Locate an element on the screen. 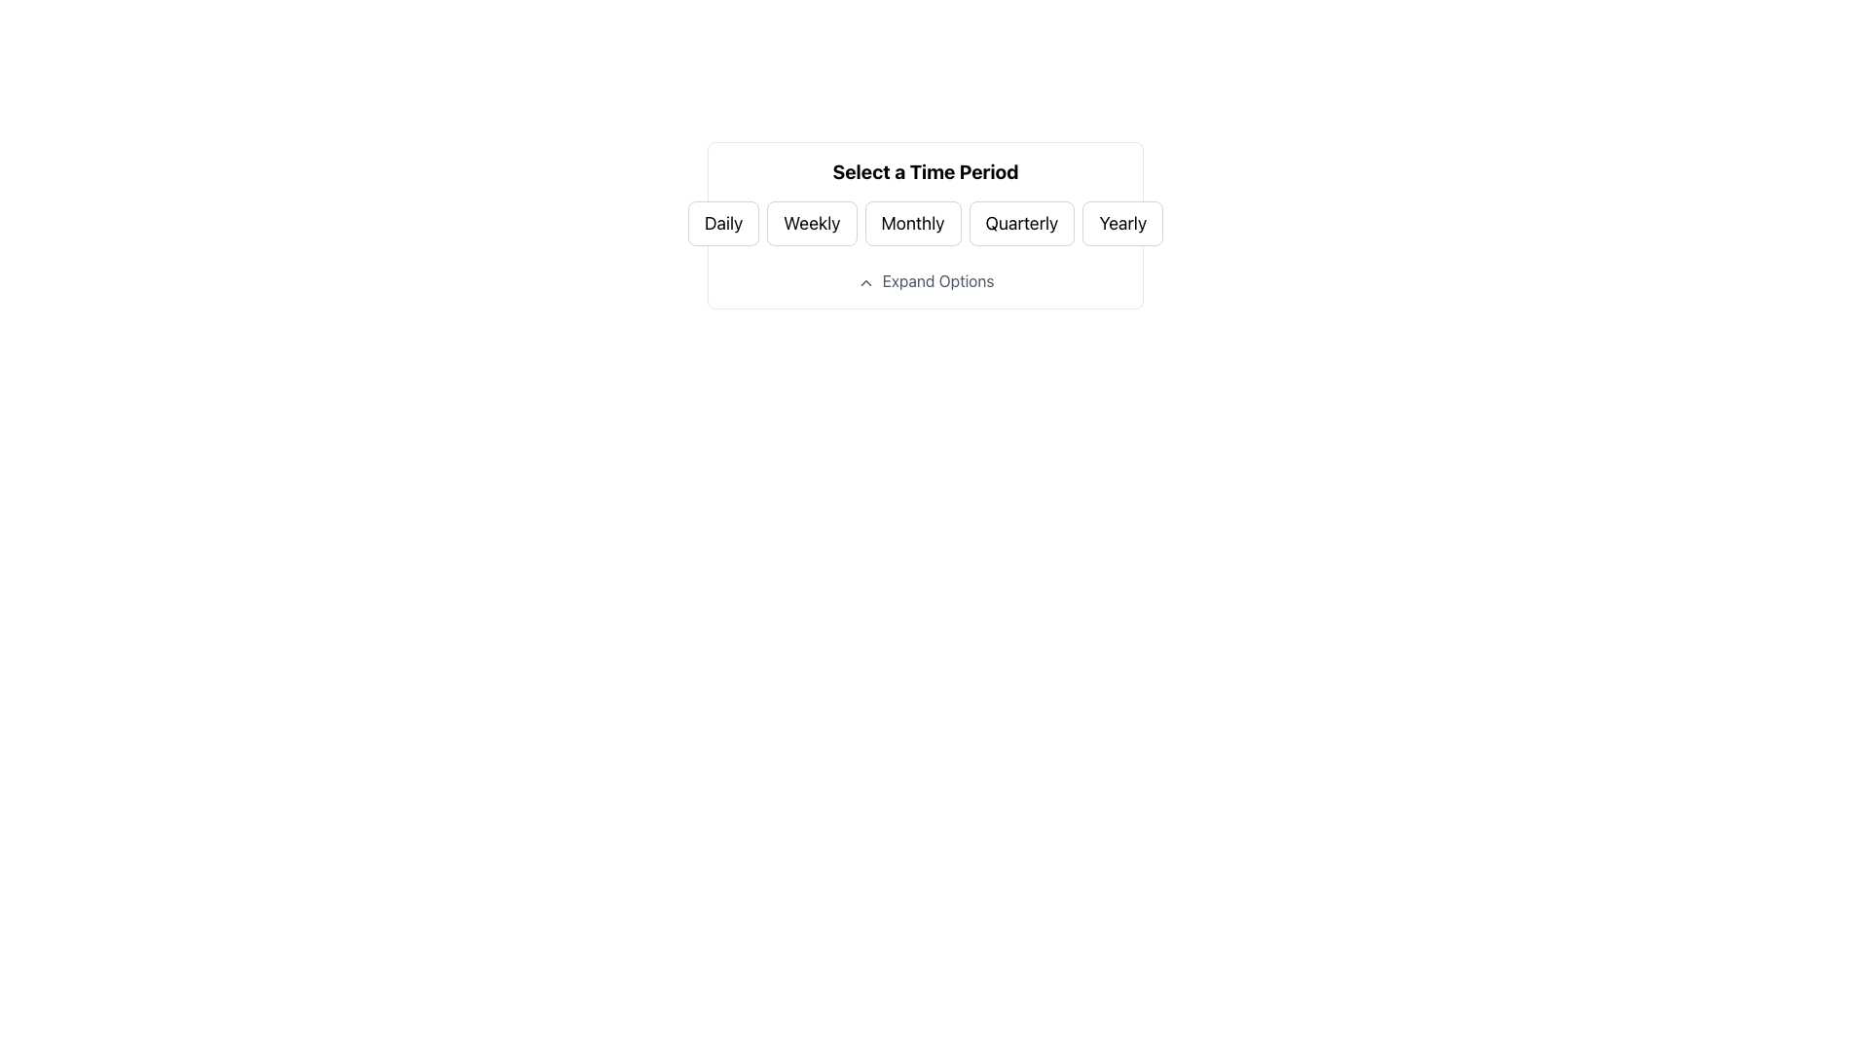 The height and width of the screenshot is (1051, 1869). the 'Quarterly' button, which is a rectangular button with rounded corners, labeled 'Quarterly' in black text on a white background, located under the 'Select a Time Period' heading is located at coordinates (1020, 223).